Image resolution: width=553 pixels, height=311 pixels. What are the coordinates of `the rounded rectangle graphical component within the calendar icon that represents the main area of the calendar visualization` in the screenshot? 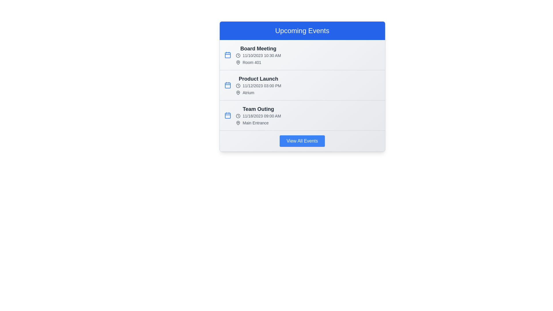 It's located at (227, 115).